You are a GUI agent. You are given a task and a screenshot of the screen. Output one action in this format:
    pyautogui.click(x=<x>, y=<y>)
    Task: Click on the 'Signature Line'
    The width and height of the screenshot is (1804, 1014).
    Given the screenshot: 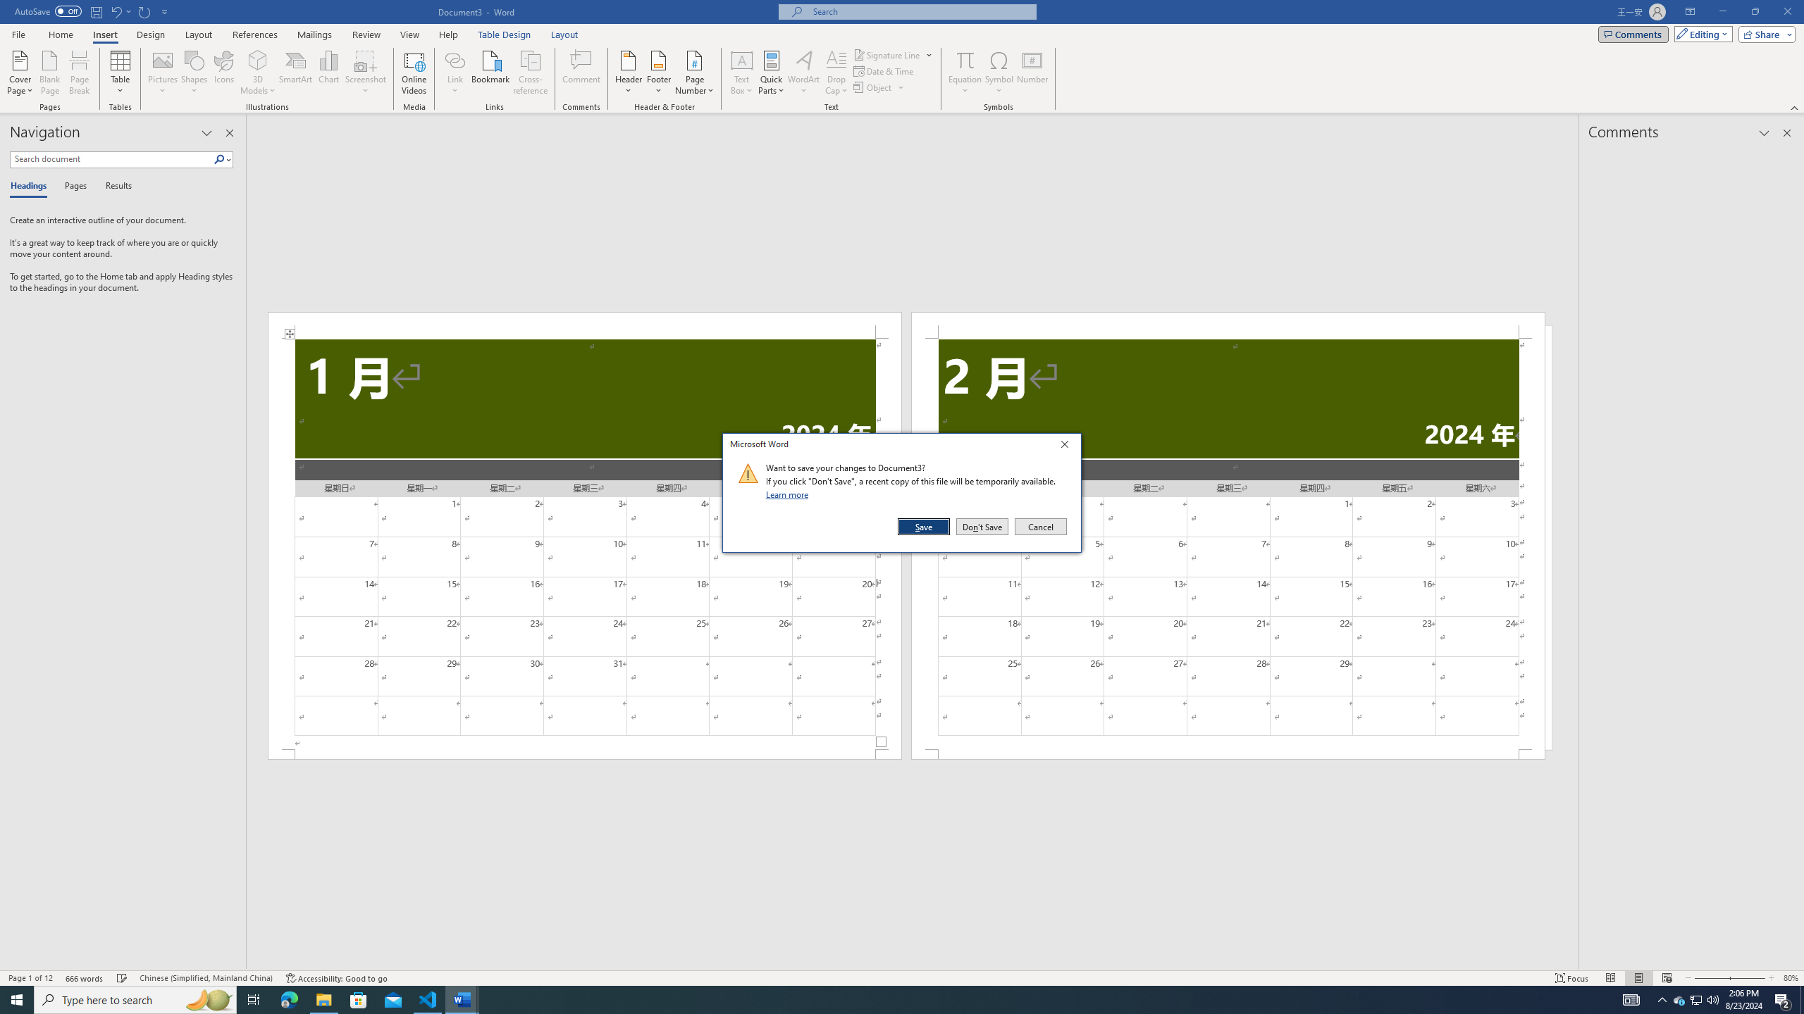 What is the action you would take?
    pyautogui.click(x=893, y=54)
    